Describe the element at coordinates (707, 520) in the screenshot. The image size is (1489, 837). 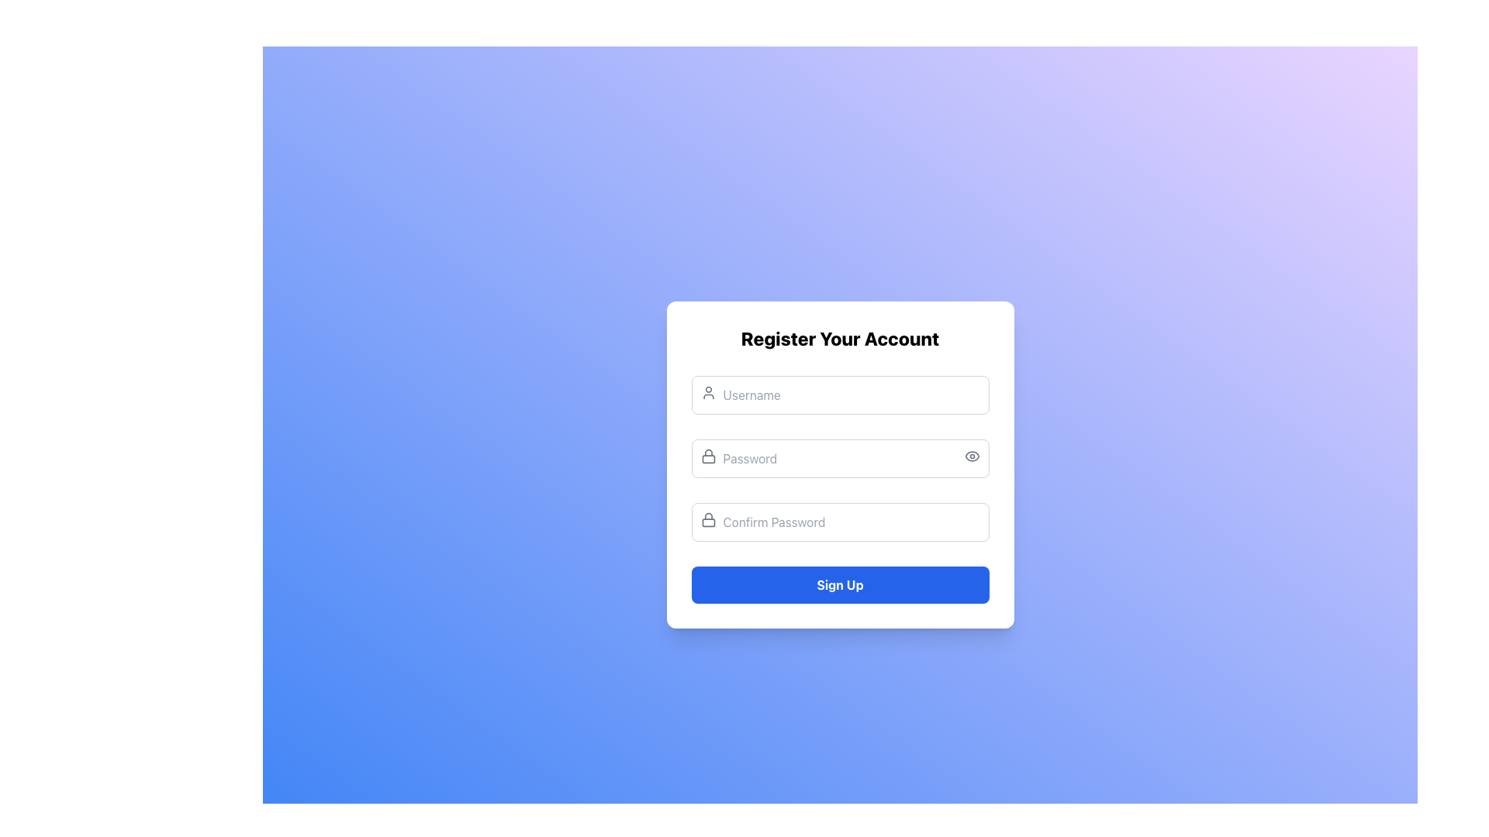
I see `the small lock icon located in the 'Confirm Password' field, which is styled with a thin outline and appears in light gray, indicating it is a decorative label` at that location.